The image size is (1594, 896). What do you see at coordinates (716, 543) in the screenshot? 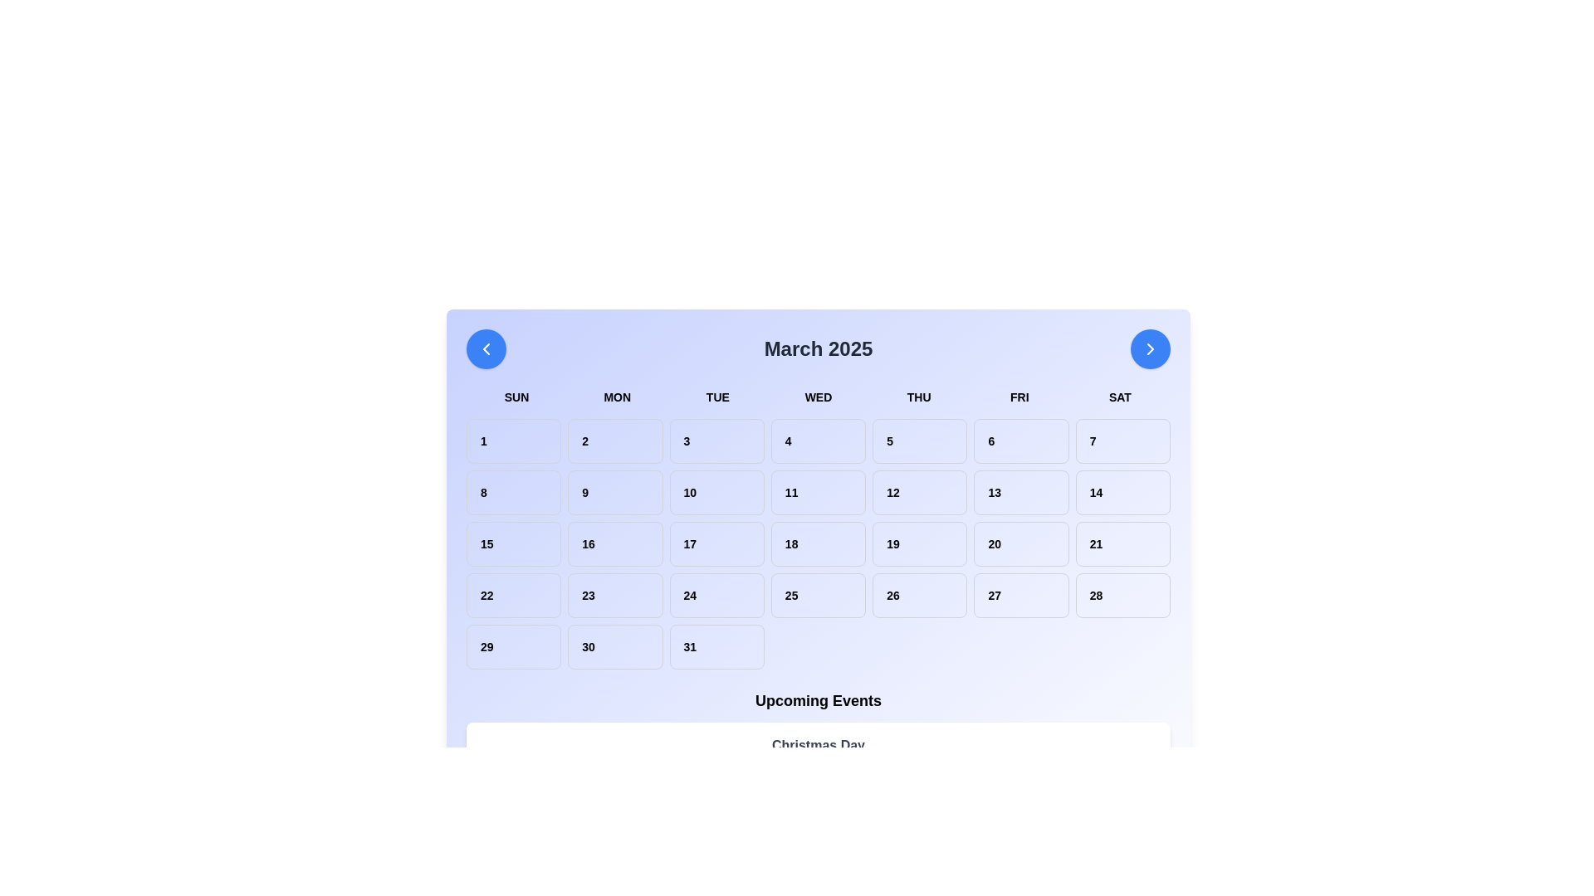
I see `the text label displaying the number '17' within the button in the 'Tuesday' column of the calendar grid for accessibility interaction` at bounding box center [716, 543].